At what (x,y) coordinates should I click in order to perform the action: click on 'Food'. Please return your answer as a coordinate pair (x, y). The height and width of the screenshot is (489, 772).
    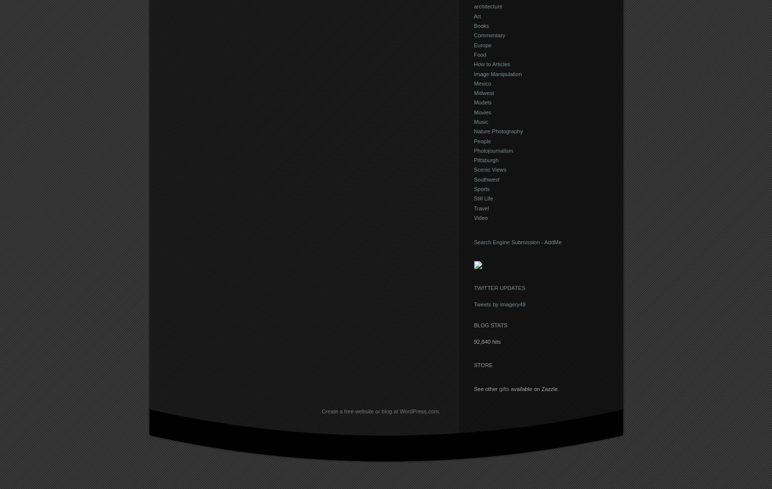
    Looking at the image, I should click on (473, 54).